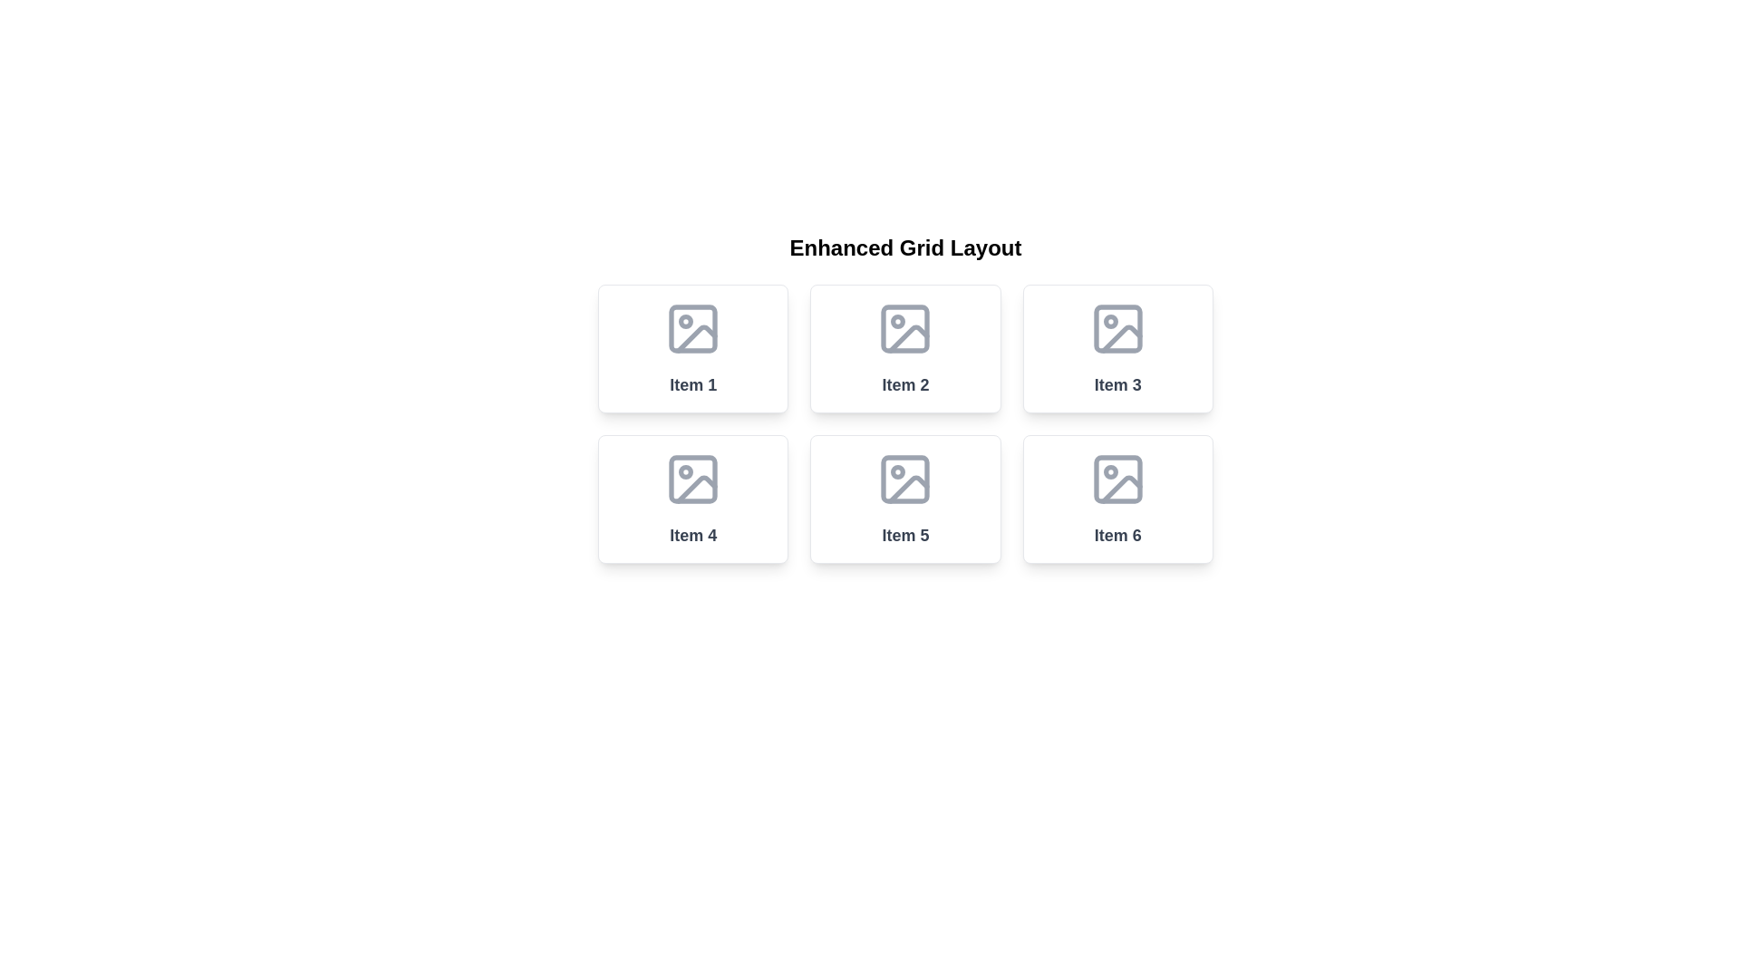 Image resolution: width=1740 pixels, height=979 pixels. Describe the element at coordinates (905, 328) in the screenshot. I see `the Decorative icon located in the second tile of the Enhanced Grid Layout, marked as 'Item 2'` at that location.